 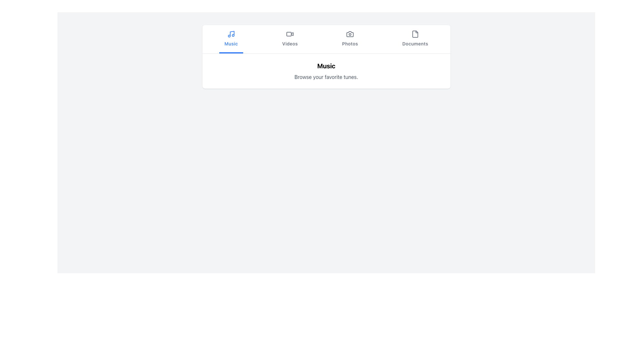 I want to click on the Navigation tab, which is the first item in a four-part section at the top of the page, located to the left of the 'Videos', 'Photos', and 'Documents' components, so click(x=231, y=39).